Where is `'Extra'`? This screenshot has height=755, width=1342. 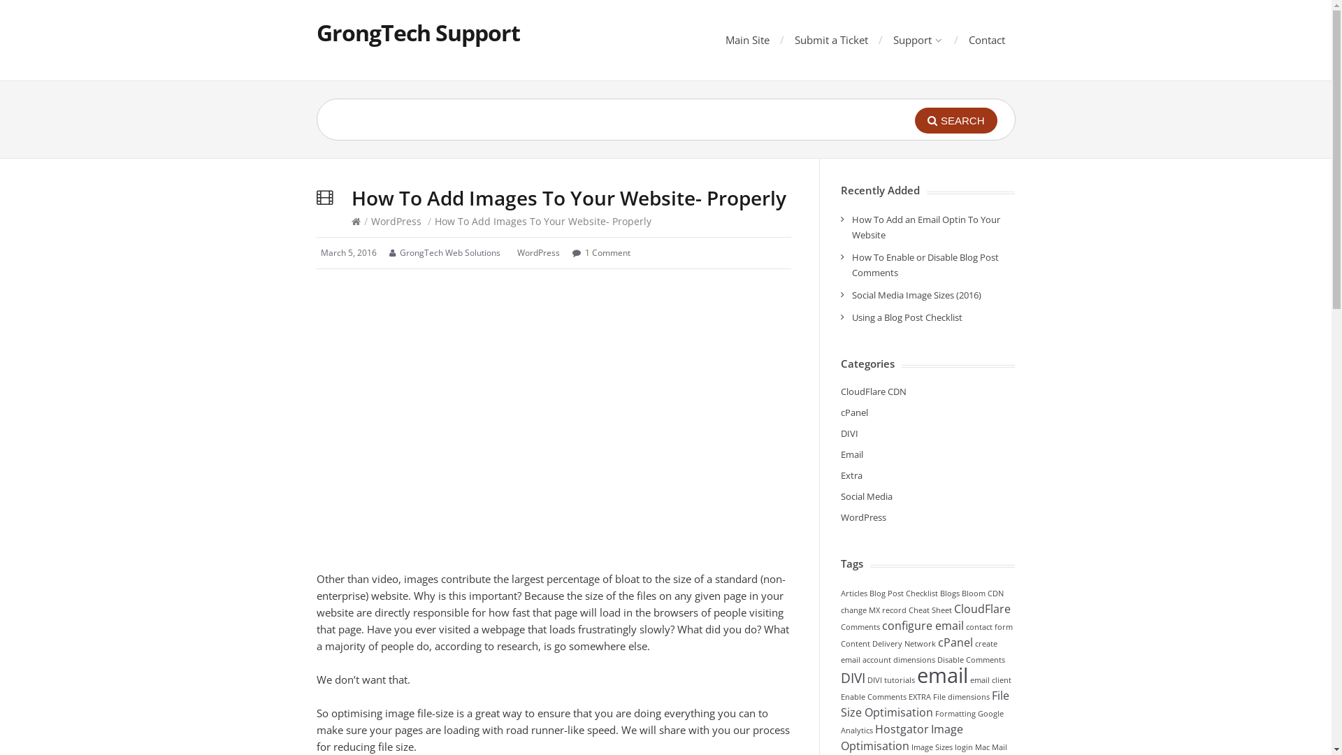
'Extra' is located at coordinates (839, 474).